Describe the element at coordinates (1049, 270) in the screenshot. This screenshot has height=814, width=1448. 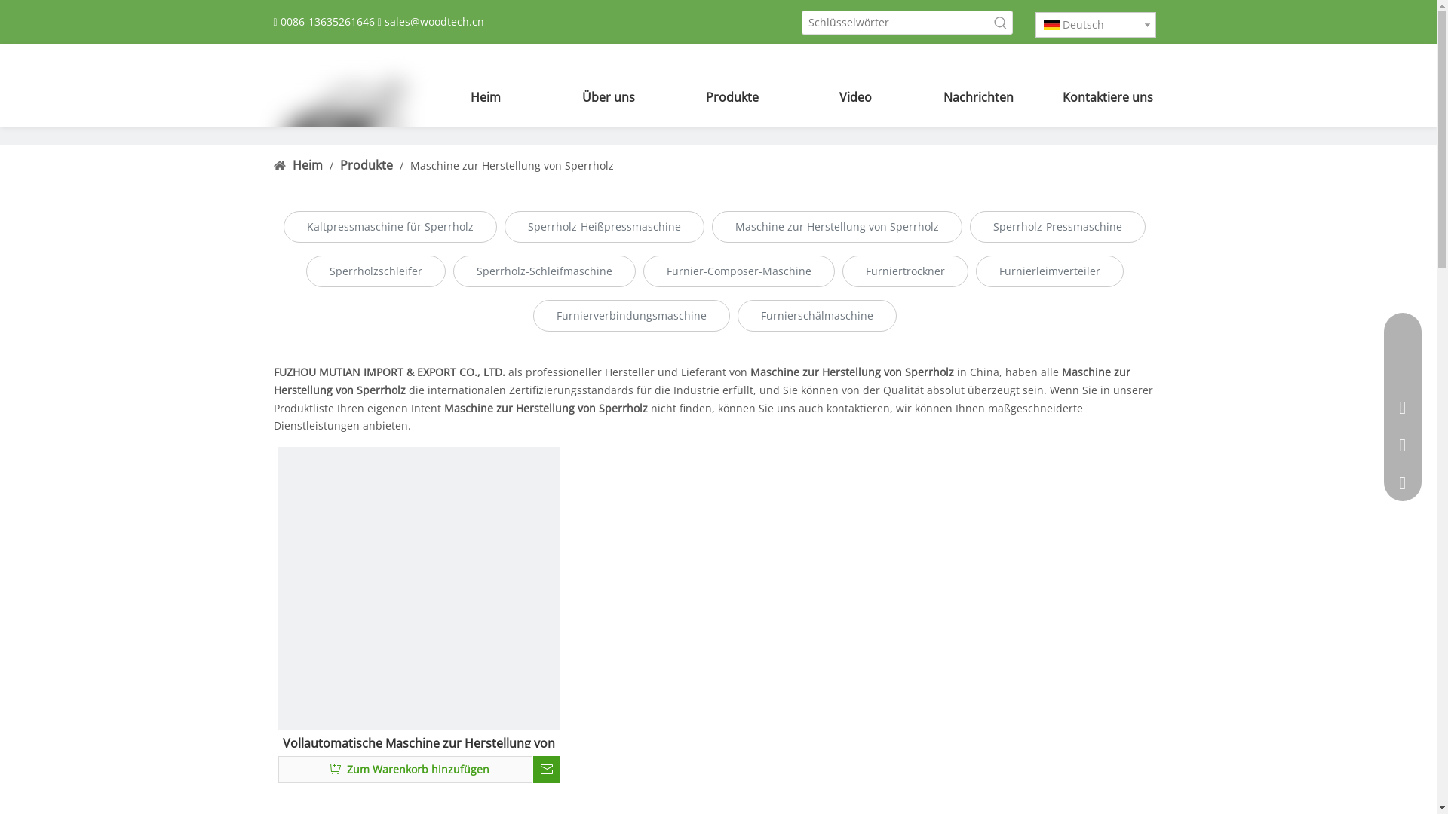
I see `'Furnierleimverteiler'` at that location.